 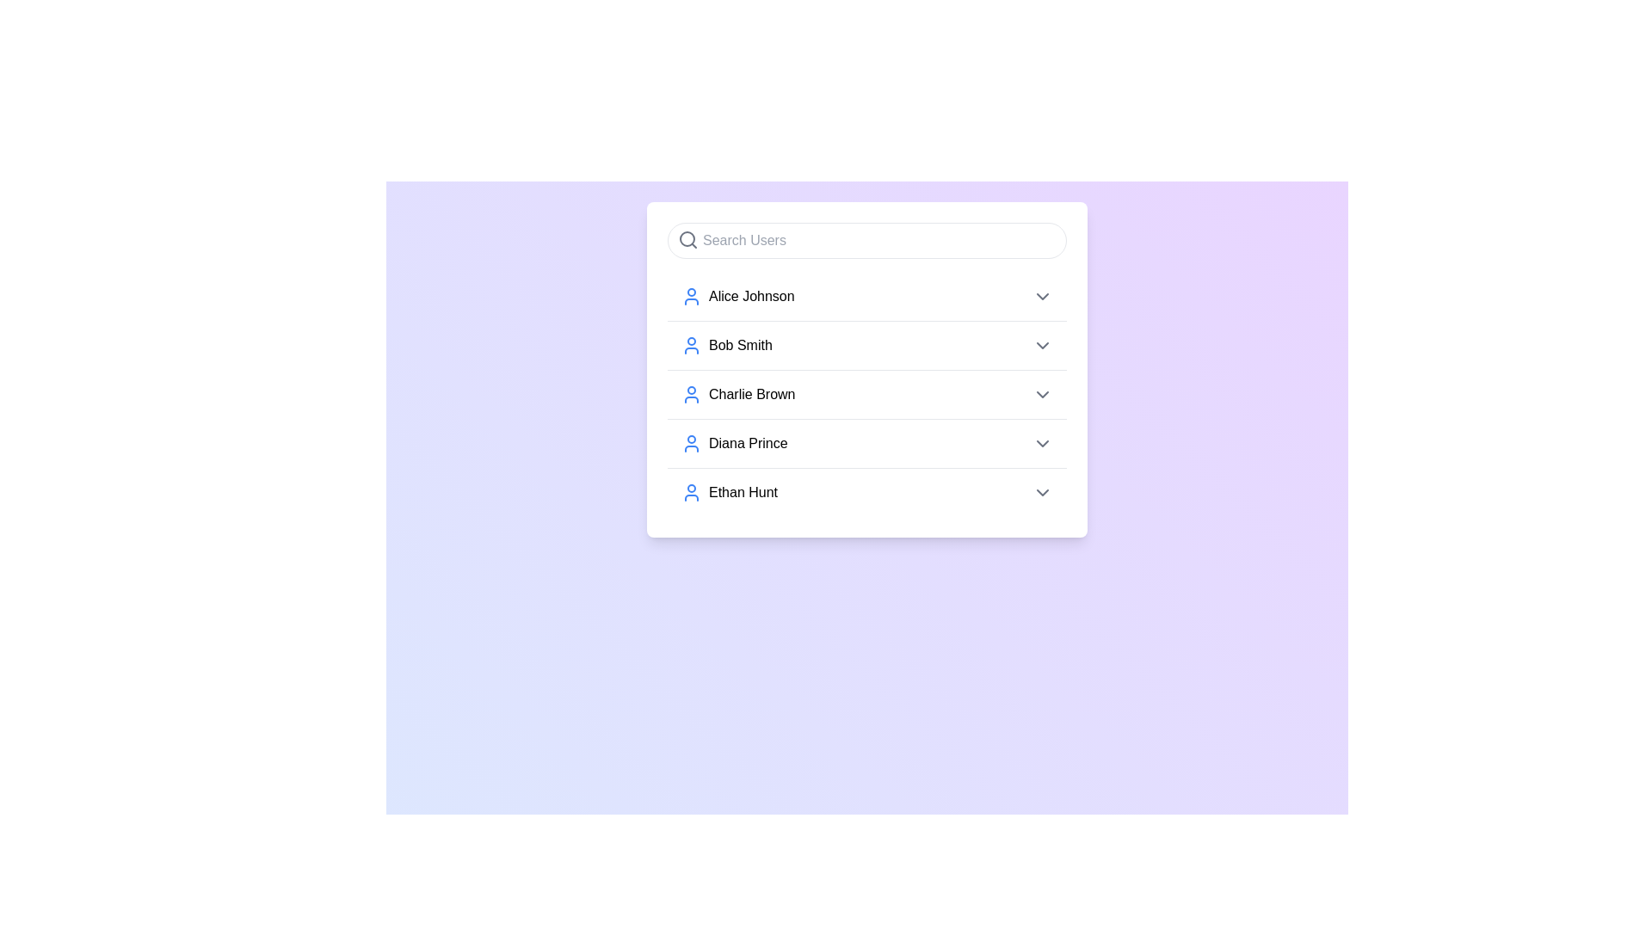 What do you see at coordinates (867, 394) in the screenshot?
I see `the selectable list item representing 'Charlie Brown'` at bounding box center [867, 394].